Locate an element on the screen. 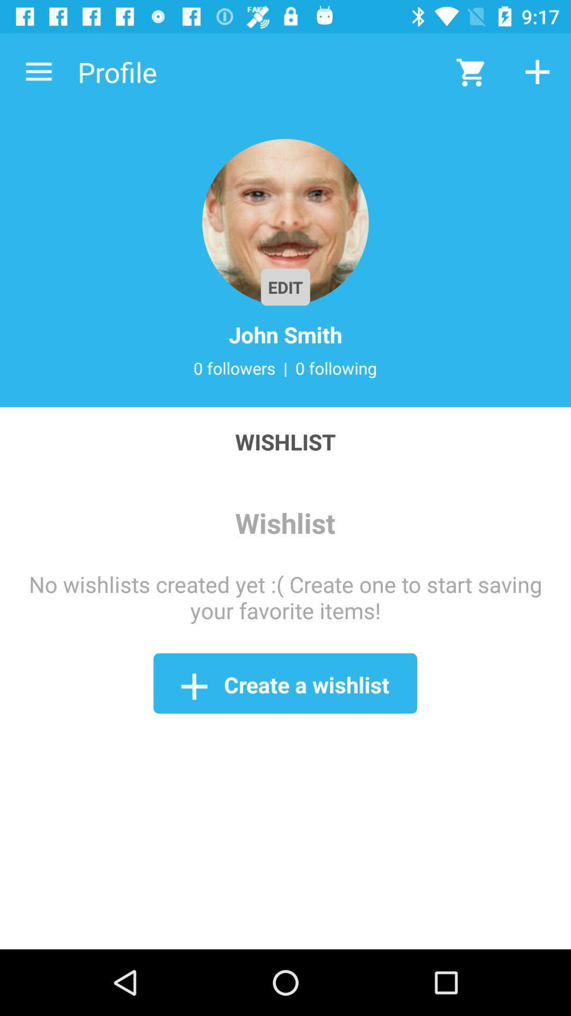 Image resolution: width=571 pixels, height=1016 pixels. icon below john smith is located at coordinates (336, 368).